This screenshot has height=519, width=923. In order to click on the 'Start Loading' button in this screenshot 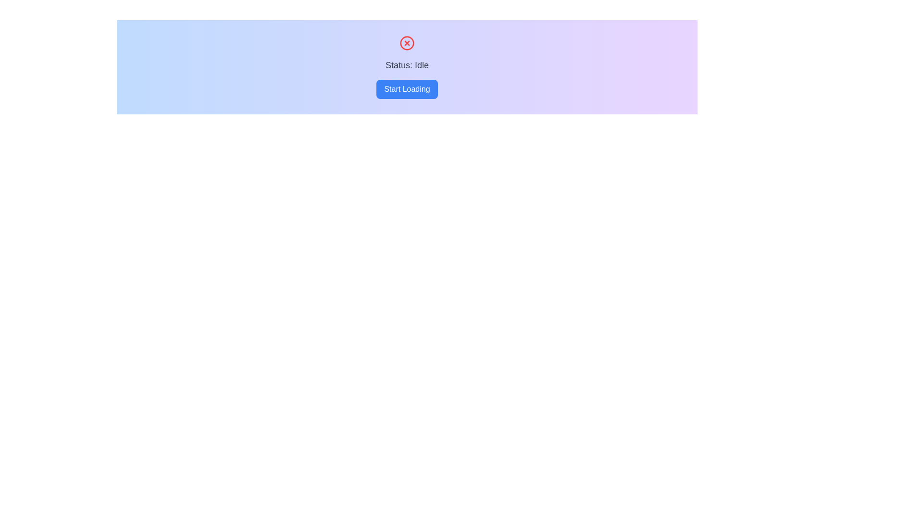, I will do `click(407, 89)`.